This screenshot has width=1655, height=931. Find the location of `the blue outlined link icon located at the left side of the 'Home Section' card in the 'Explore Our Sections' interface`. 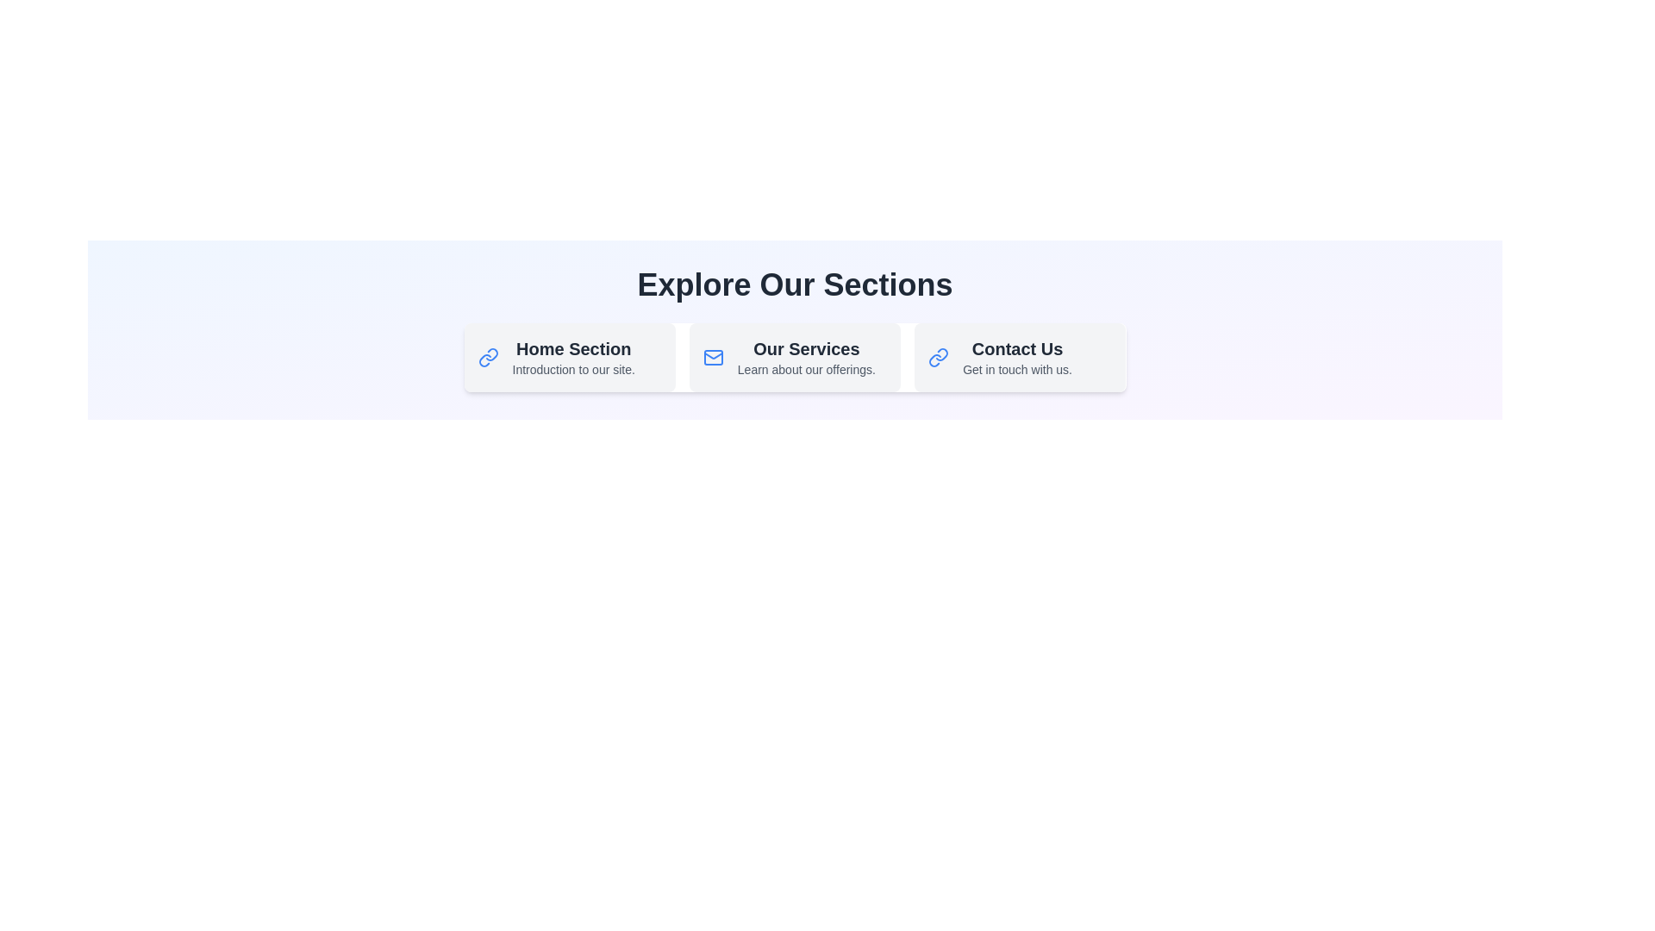

the blue outlined link icon located at the left side of the 'Home Section' card in the 'Explore Our Sections' interface is located at coordinates (487, 357).